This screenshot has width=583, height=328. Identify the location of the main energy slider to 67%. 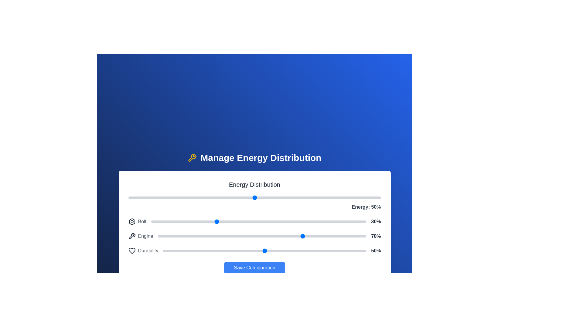
(297, 198).